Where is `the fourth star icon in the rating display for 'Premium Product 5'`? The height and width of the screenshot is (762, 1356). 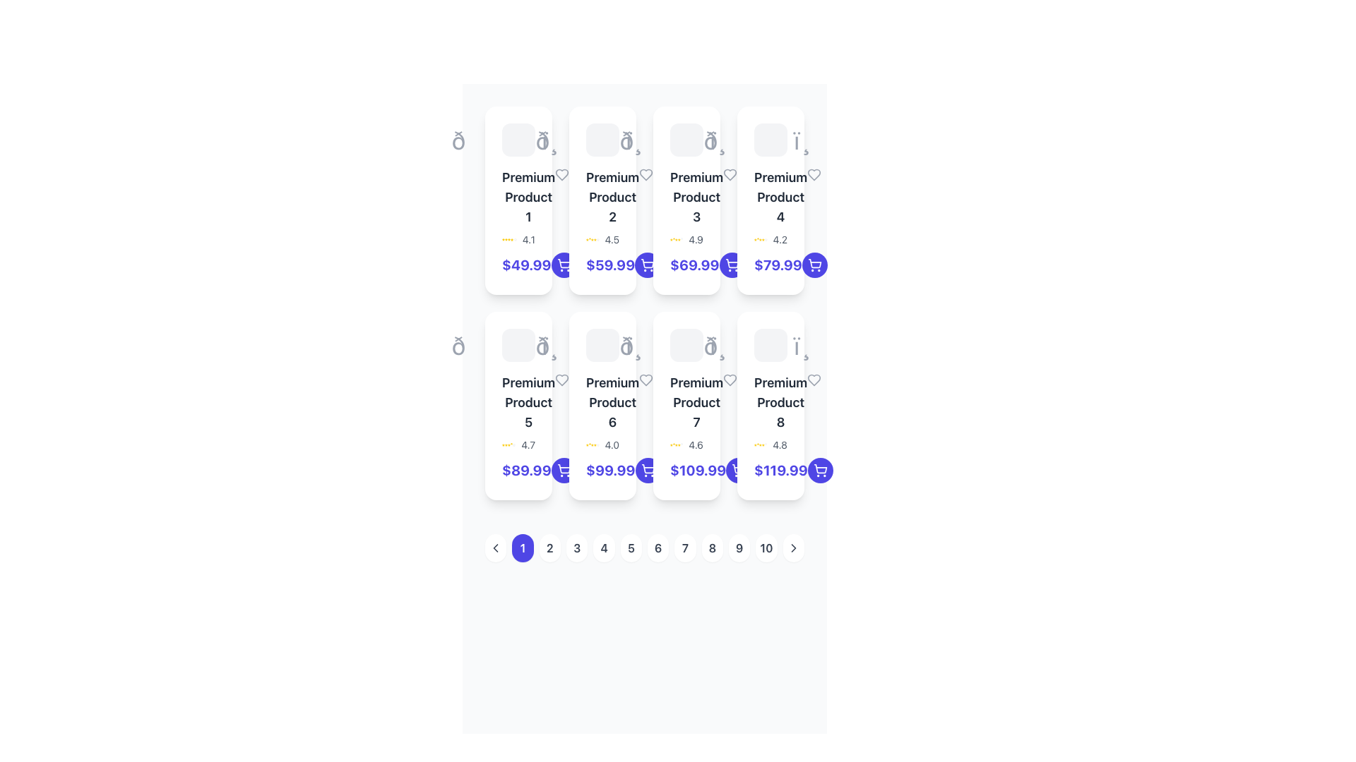 the fourth star icon in the rating display for 'Premium Product 5' is located at coordinates (509, 445).